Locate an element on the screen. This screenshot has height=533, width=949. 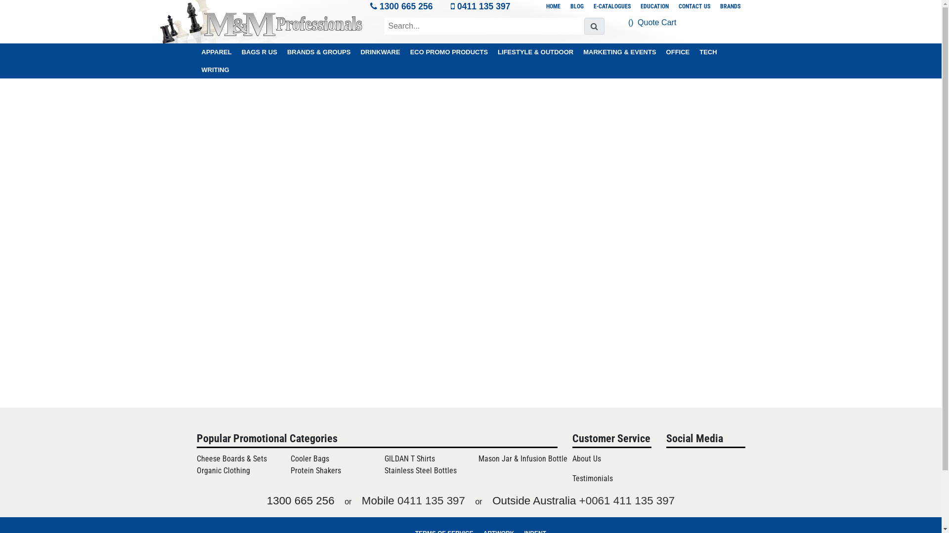
'E-CATALOGUES' is located at coordinates (611, 6).